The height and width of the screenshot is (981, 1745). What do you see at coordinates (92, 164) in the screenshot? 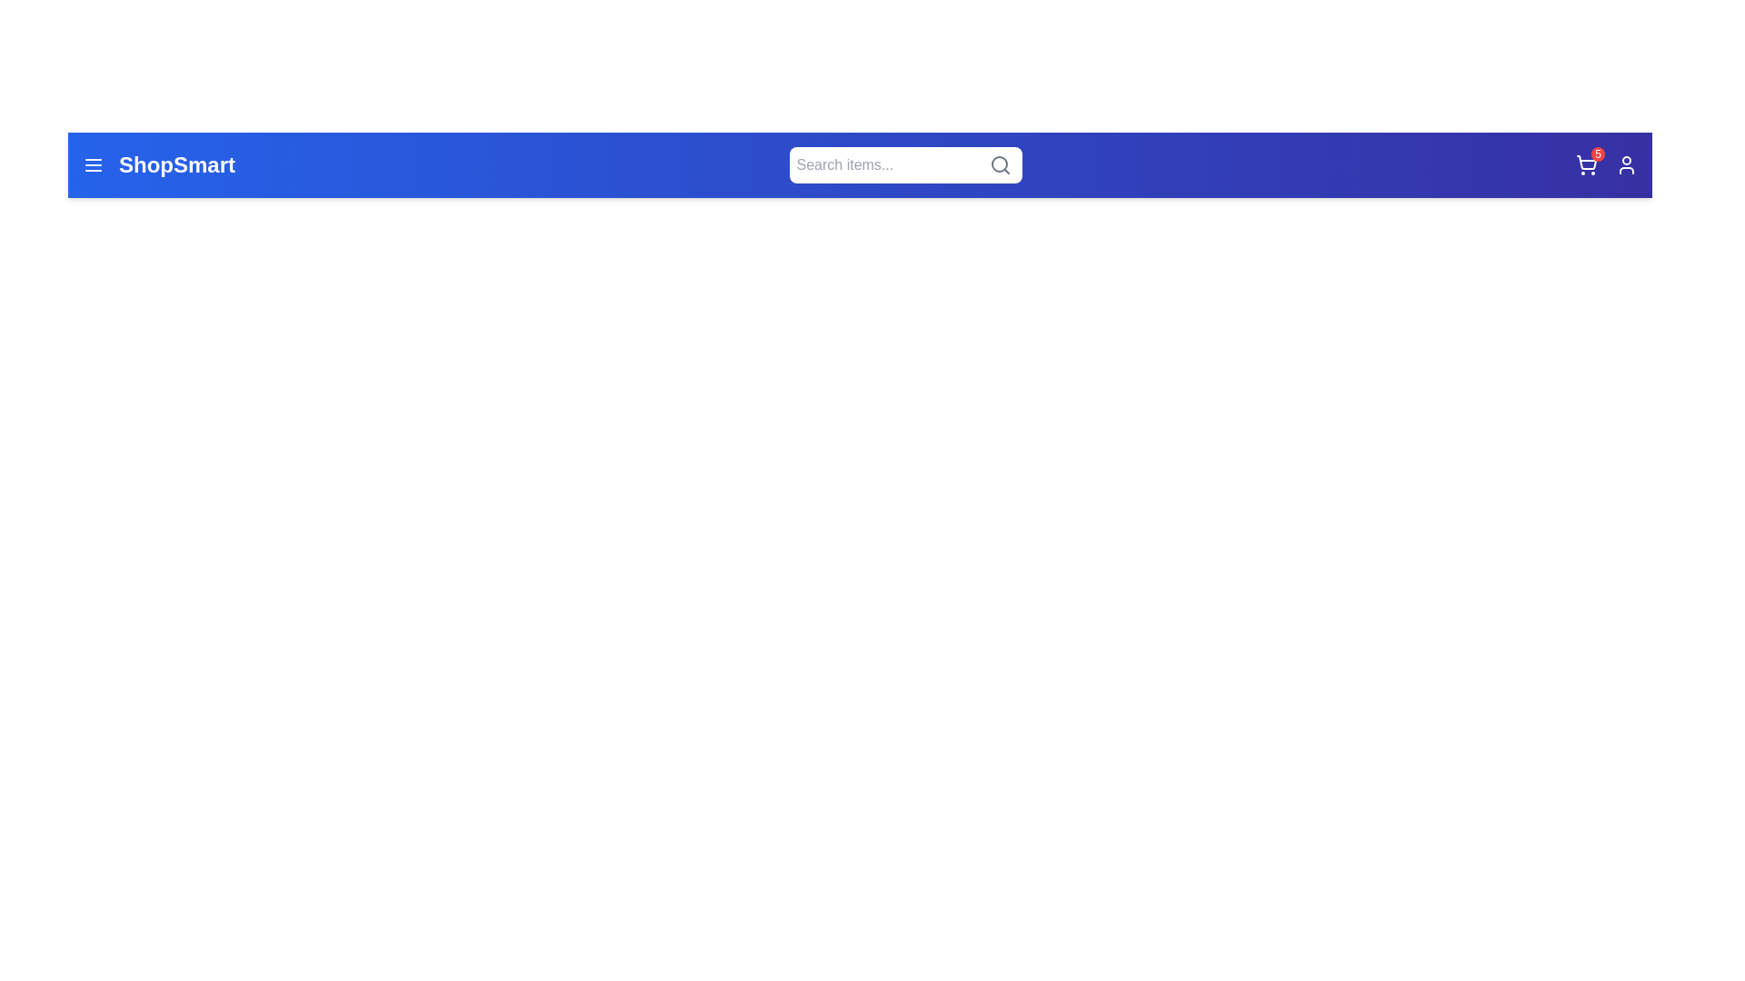
I see `the menu icon to open the menu` at bounding box center [92, 164].